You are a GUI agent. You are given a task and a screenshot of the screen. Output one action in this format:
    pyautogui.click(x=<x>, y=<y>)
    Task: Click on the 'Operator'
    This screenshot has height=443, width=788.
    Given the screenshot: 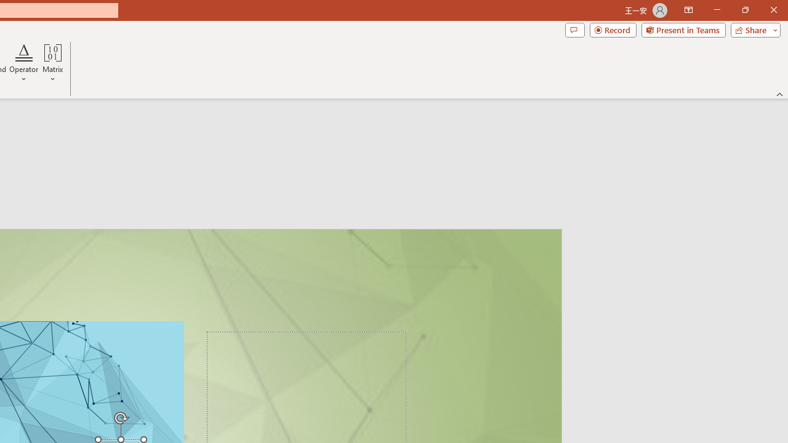 What is the action you would take?
    pyautogui.click(x=24, y=63)
    